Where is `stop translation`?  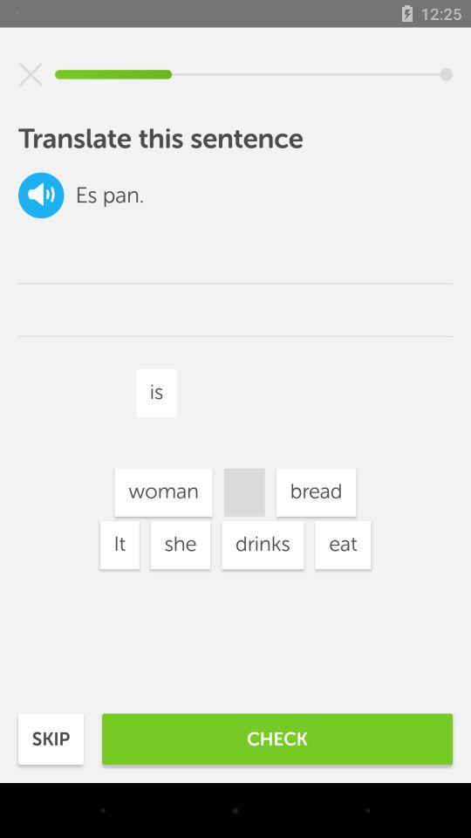
stop translation is located at coordinates (31, 74).